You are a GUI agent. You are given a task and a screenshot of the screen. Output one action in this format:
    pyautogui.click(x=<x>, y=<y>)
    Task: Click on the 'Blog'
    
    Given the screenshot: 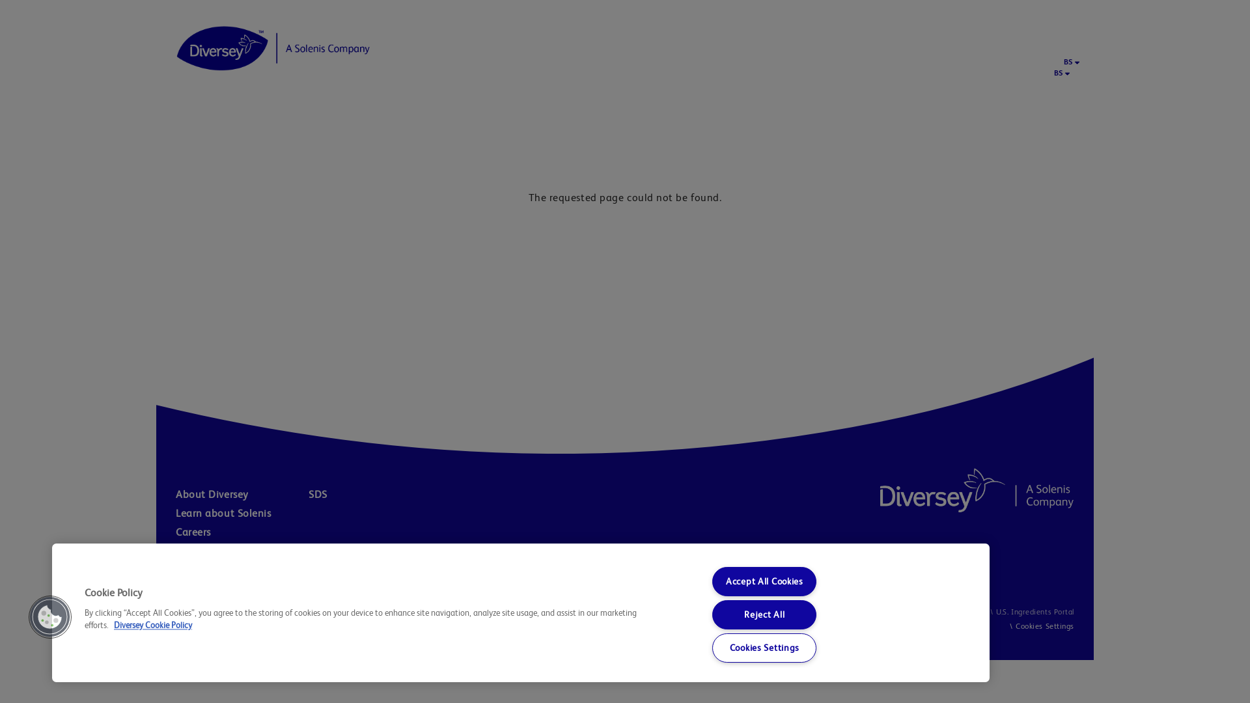 What is the action you would take?
    pyautogui.click(x=174, y=569)
    